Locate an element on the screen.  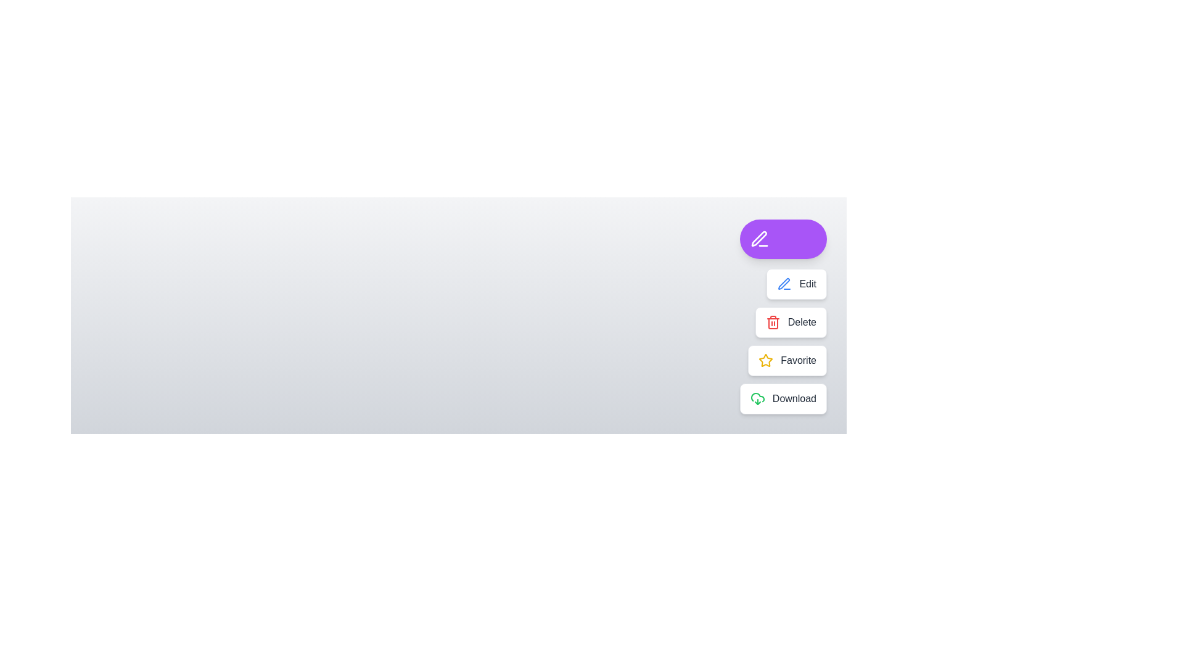
the purple button to toggle the menu visibility is located at coordinates (783, 239).